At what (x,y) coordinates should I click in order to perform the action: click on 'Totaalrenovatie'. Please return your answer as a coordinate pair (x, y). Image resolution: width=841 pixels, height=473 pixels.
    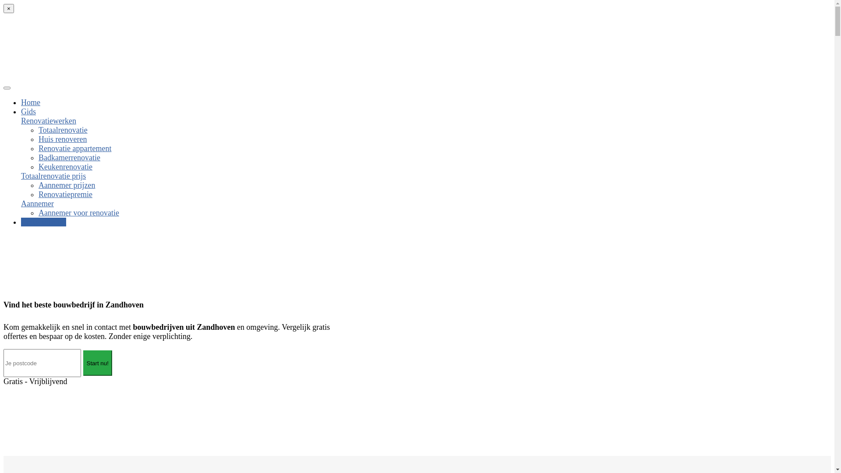
    Looking at the image, I should click on (63, 130).